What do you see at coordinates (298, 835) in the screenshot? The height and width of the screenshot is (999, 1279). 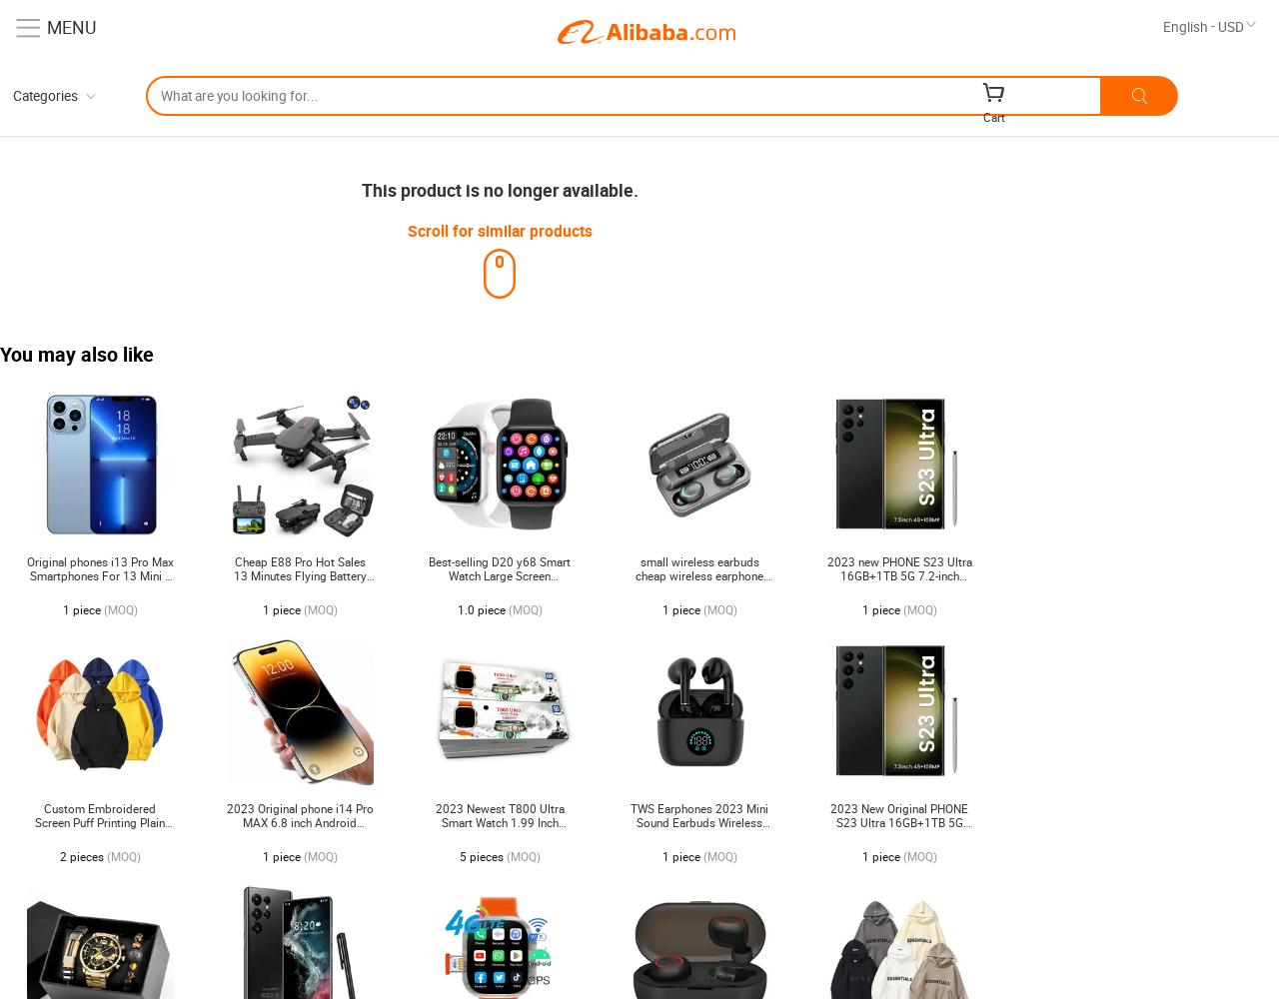 I see `'2023 Original phone i14 Pro MAX 6.8 inch Android Smartphones 12GB+512GB 10-Core 5G LET Cellphones 4 Camera cell phone'` at bounding box center [298, 835].